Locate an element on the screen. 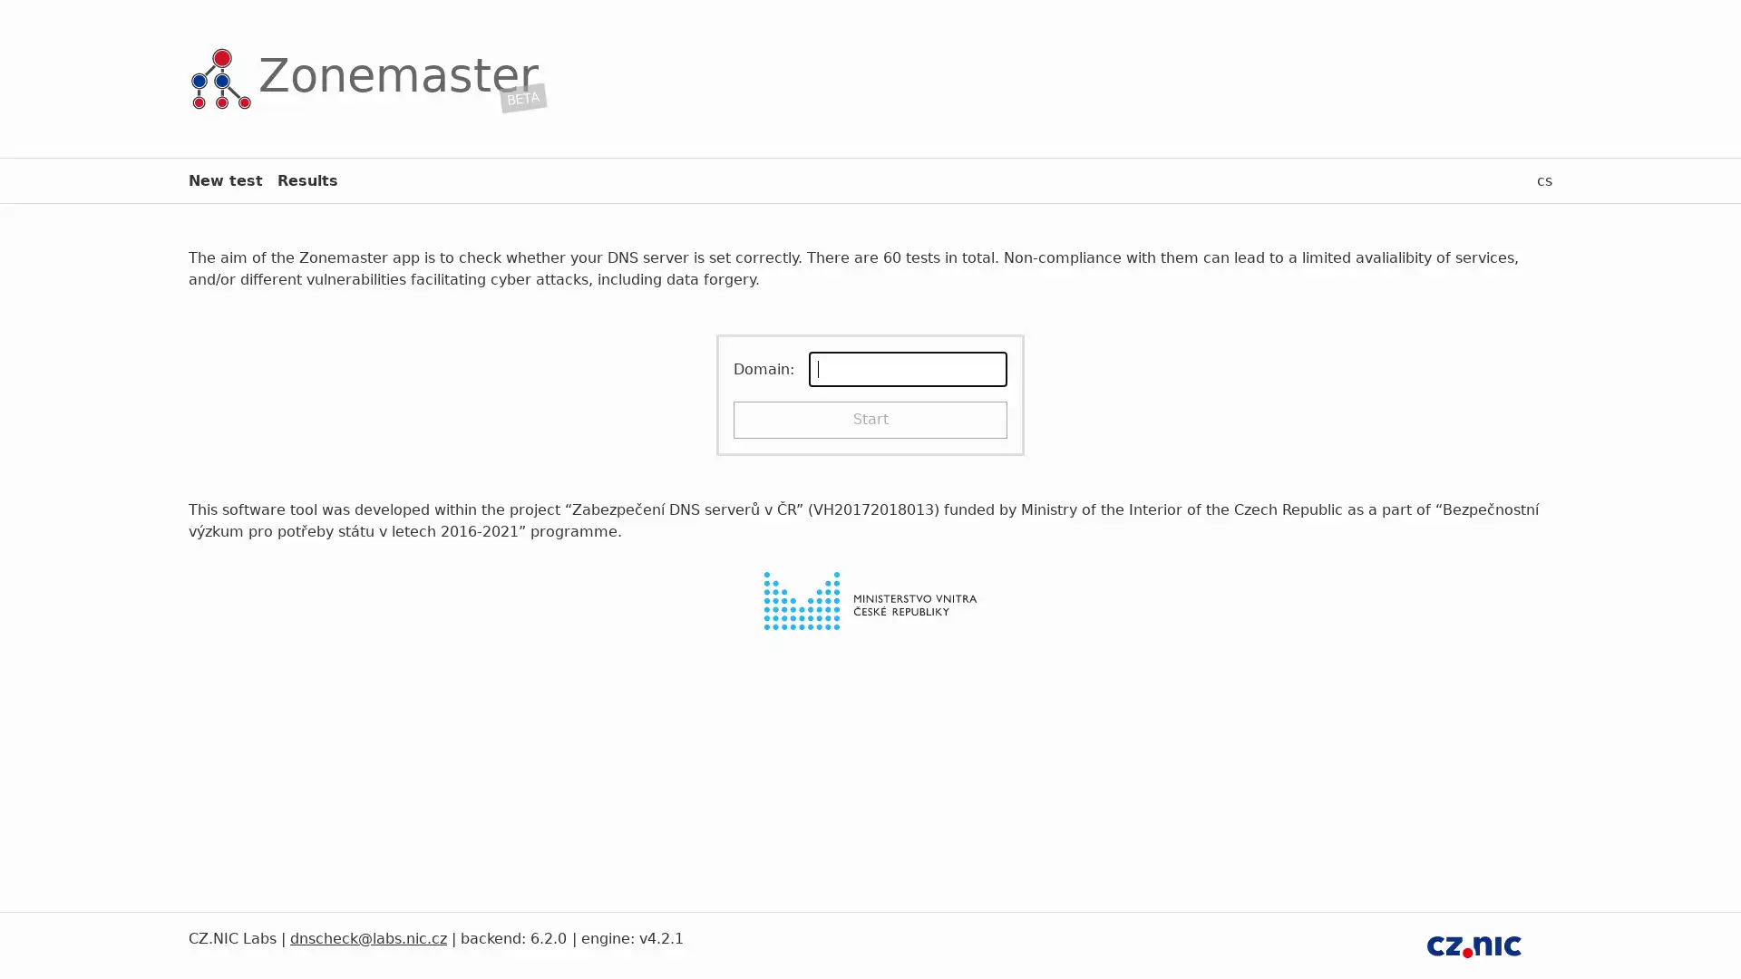 The width and height of the screenshot is (1741, 979). cs is located at coordinates (1543, 180).